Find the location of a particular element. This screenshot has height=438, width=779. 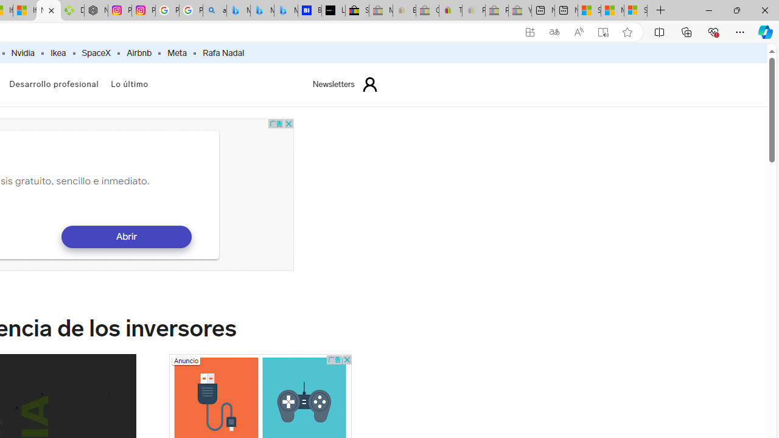

'Airbnb' is located at coordinates (138, 53).